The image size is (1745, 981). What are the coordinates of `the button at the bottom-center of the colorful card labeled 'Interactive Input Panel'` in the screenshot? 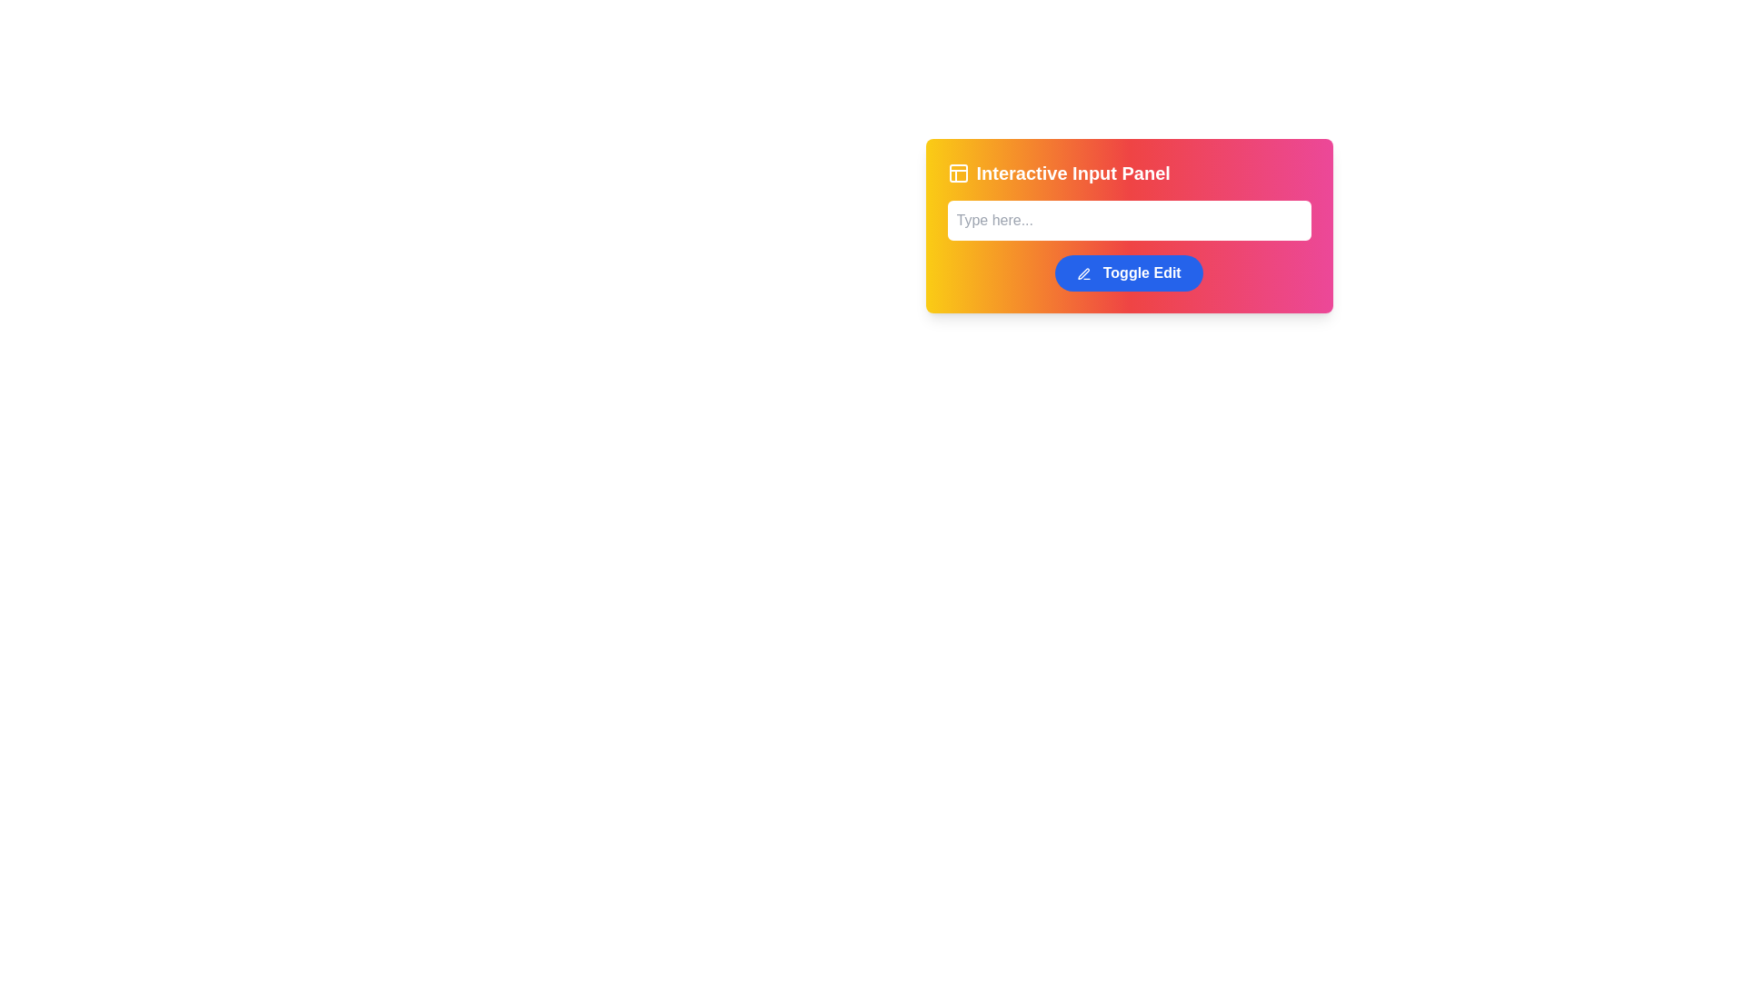 It's located at (1128, 272).